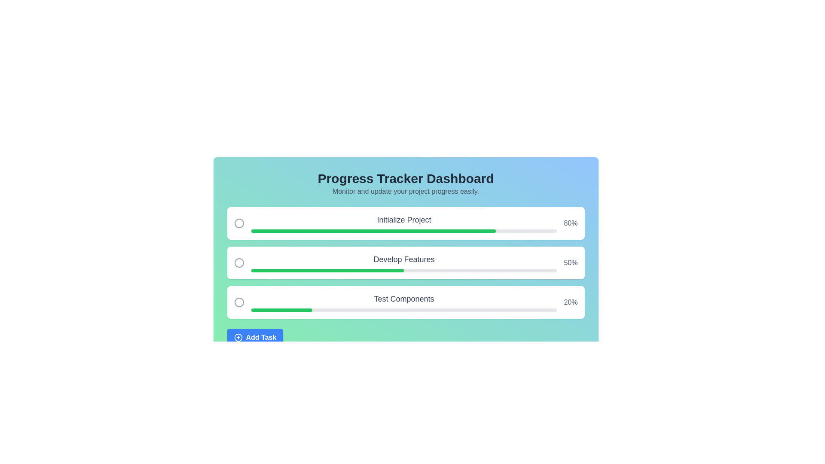 This screenshot has height=464, width=825. I want to click on the title text element that indicates the purpose or status of the associated progress task, positioned centrally between 'Initialize Project' and 'Test Components', so click(403, 259).